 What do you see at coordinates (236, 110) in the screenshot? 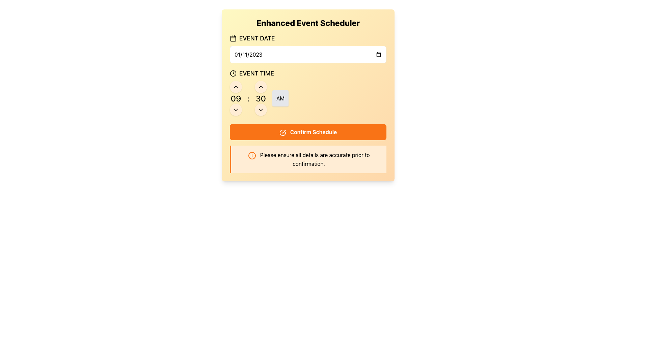
I see `the chevron-down icon located under the 'EVENT TIME' section` at bounding box center [236, 110].